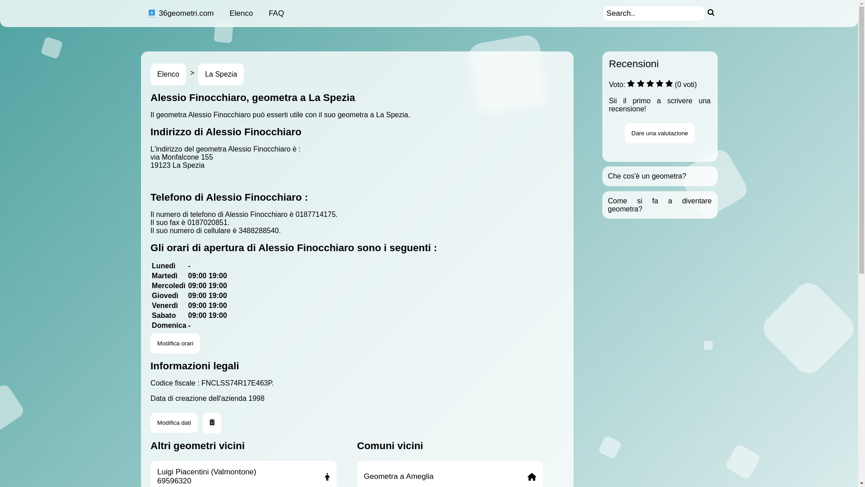 Image resolution: width=865 pixels, height=487 pixels. What do you see at coordinates (660, 133) in the screenshot?
I see `'Dare una valutazione'` at bounding box center [660, 133].